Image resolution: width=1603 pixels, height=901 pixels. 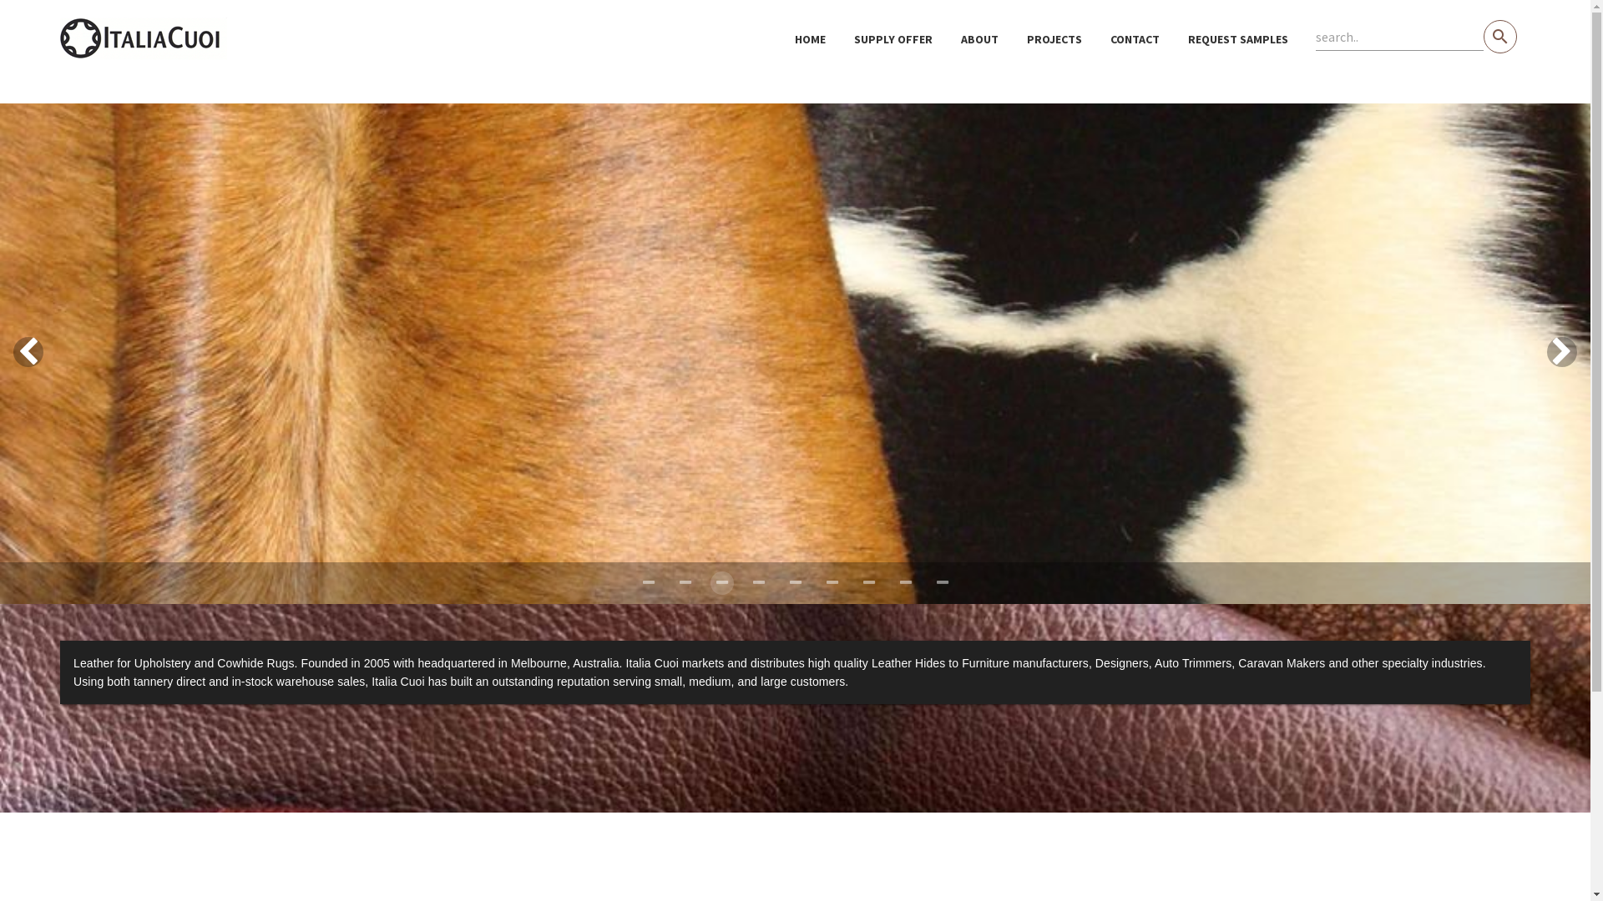 What do you see at coordinates (721, 581) in the screenshot?
I see `'2'` at bounding box center [721, 581].